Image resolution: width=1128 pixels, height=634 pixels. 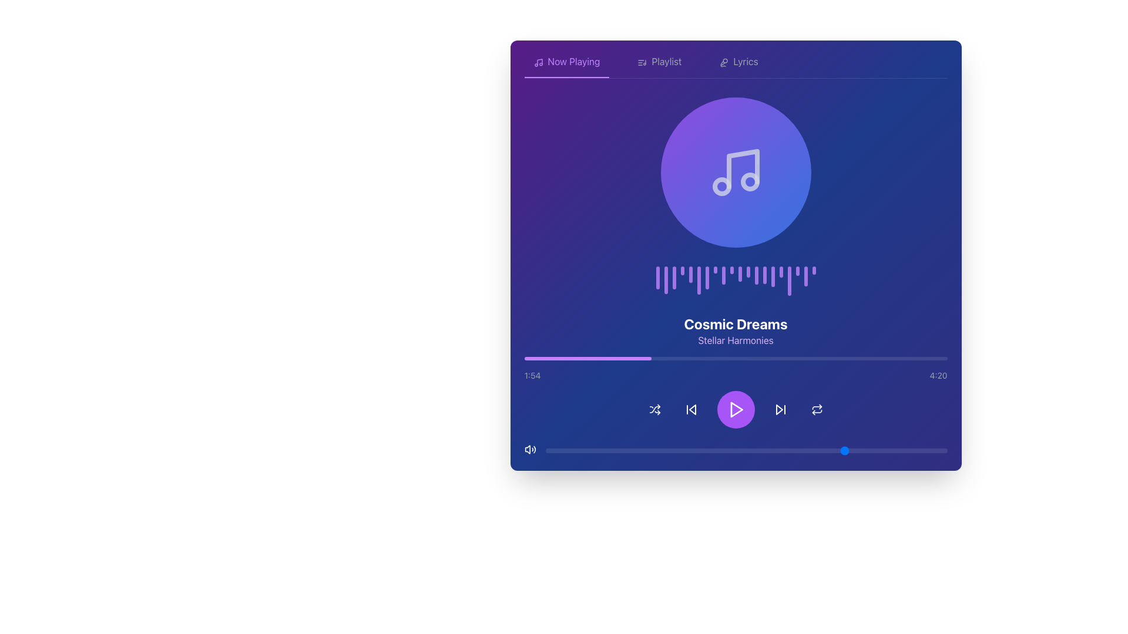 What do you see at coordinates (789, 281) in the screenshot?
I see `the 18th vibrant purple Visualizer bar in the waveform sequence, which is a vertical rounded bar located slightly towards the right side of the display` at bounding box center [789, 281].